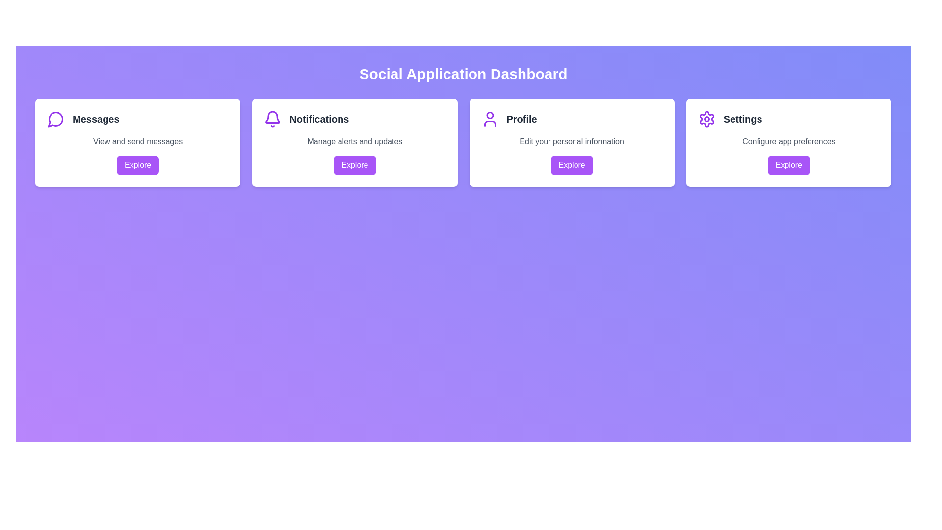 The height and width of the screenshot is (530, 942). I want to click on the settings icon located in the fourth card of the settings section, positioned to the left of the section title text, so click(706, 119).